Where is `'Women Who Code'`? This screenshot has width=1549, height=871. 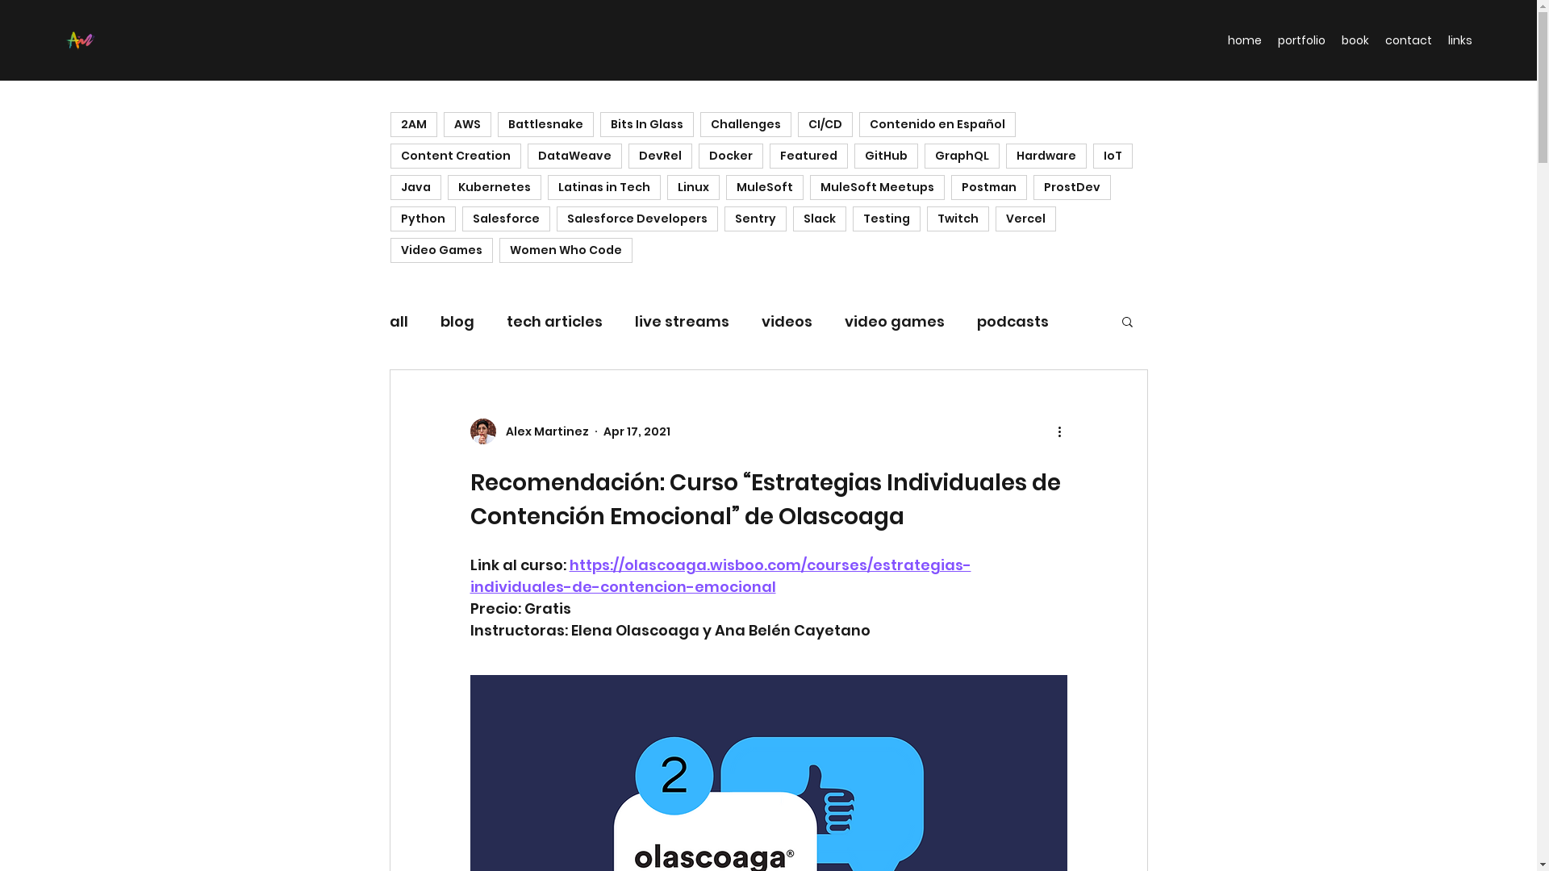
'Women Who Code' is located at coordinates (498, 250).